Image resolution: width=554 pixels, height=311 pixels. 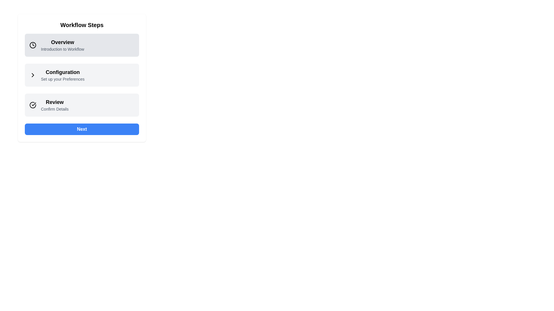 What do you see at coordinates (55, 105) in the screenshot?
I see `the 'Review' text display element, which is the third entry in the 'Workflow Steps' list` at bounding box center [55, 105].